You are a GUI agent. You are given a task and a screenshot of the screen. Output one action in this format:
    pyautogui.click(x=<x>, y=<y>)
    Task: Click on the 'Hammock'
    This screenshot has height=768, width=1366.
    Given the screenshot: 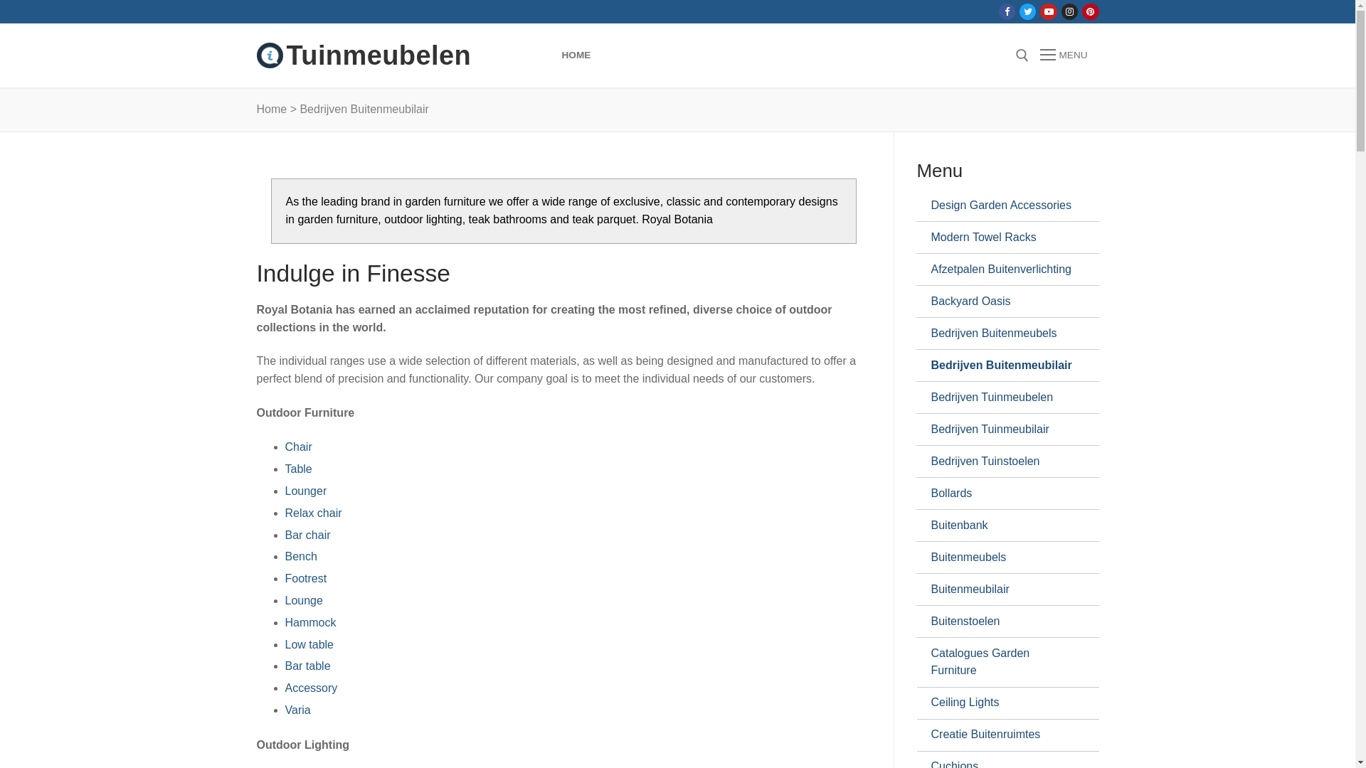 What is the action you would take?
    pyautogui.click(x=309, y=622)
    